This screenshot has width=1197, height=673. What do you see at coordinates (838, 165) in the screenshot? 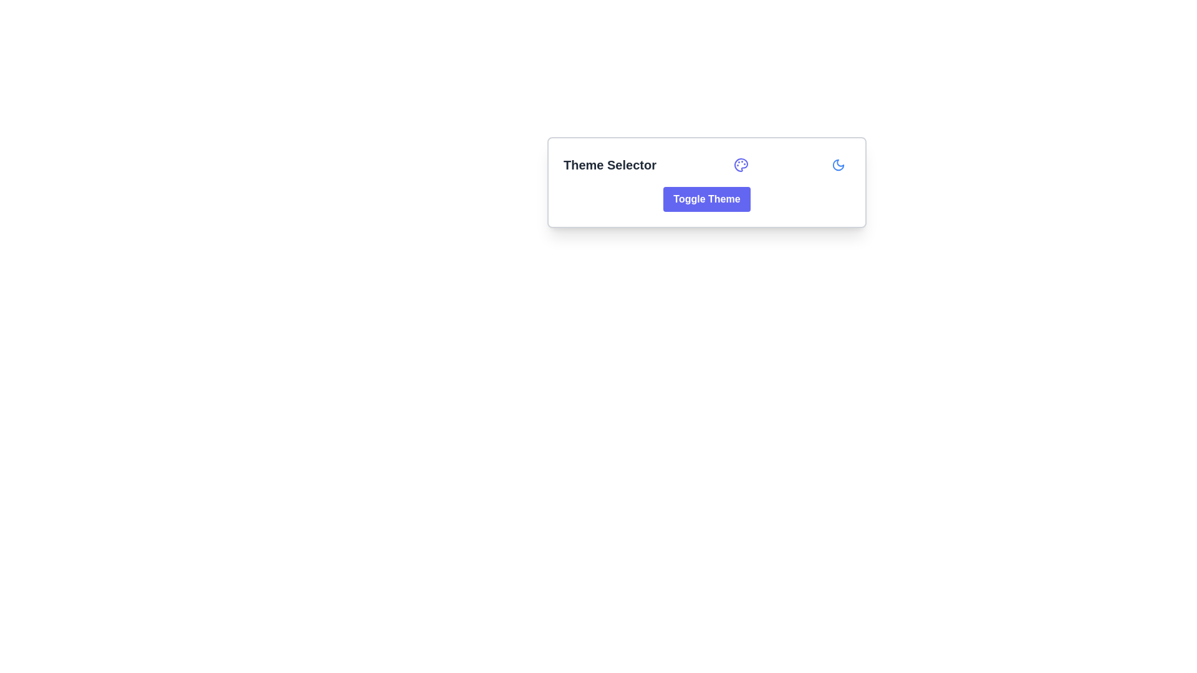
I see `the moon icon located in the top-right corner of the theme selector card, which serves as an indicator for toggling themes` at bounding box center [838, 165].